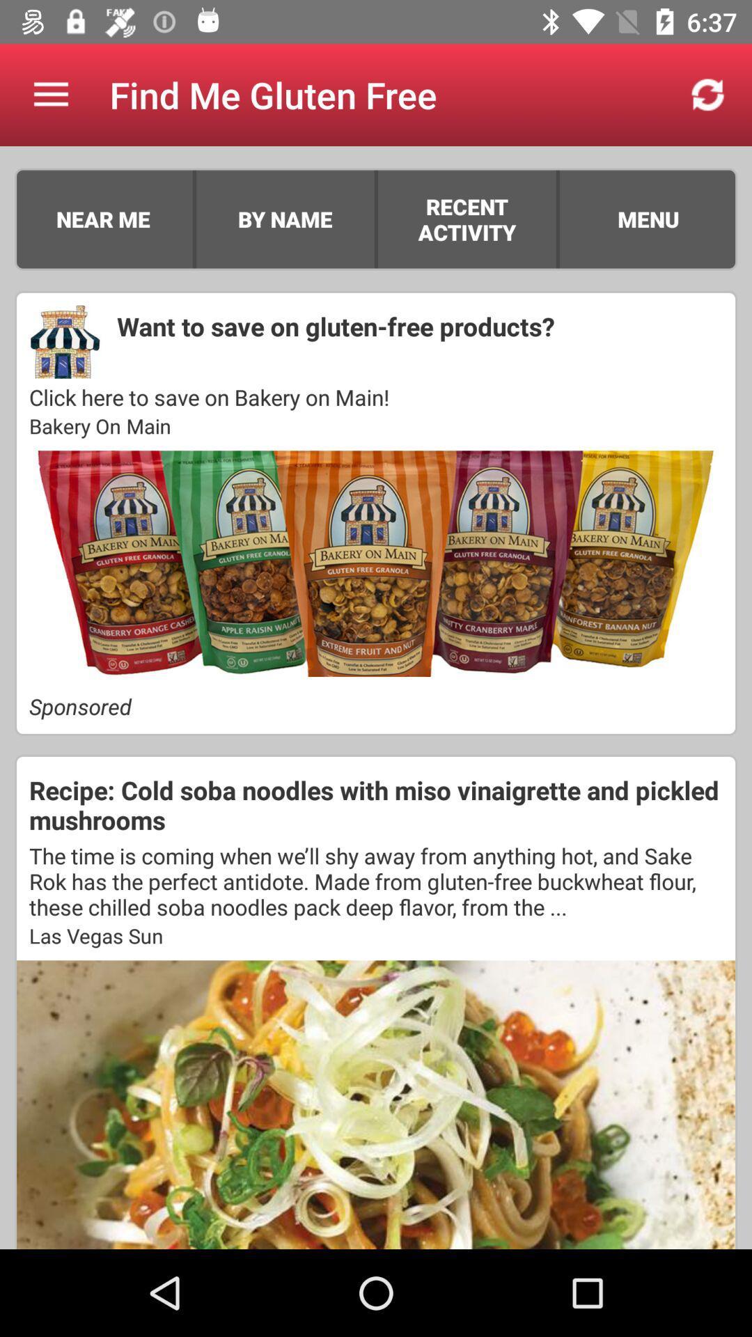 This screenshot has height=1337, width=752. What do you see at coordinates (376, 935) in the screenshot?
I see `las vegas sun` at bounding box center [376, 935].